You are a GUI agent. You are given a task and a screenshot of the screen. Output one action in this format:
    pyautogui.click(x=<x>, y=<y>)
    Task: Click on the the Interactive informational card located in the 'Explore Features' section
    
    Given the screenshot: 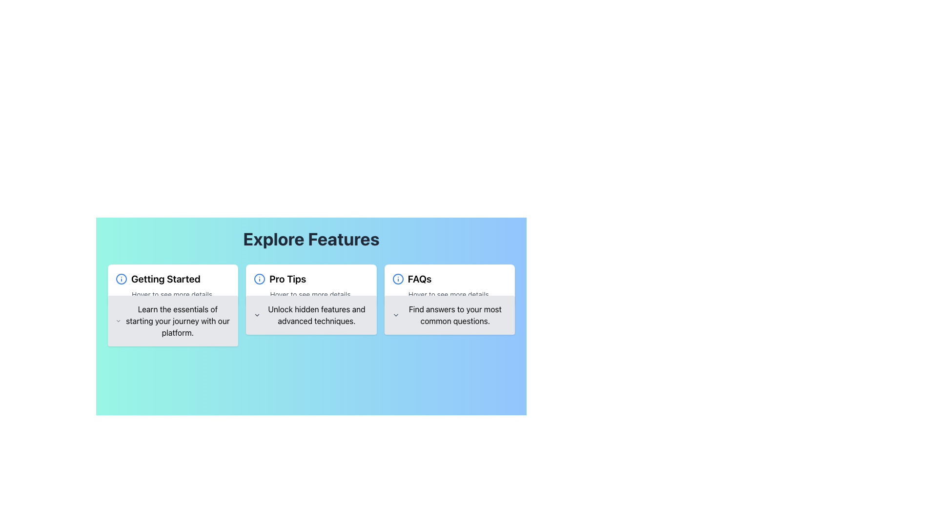 What is the action you would take?
    pyautogui.click(x=311, y=285)
    